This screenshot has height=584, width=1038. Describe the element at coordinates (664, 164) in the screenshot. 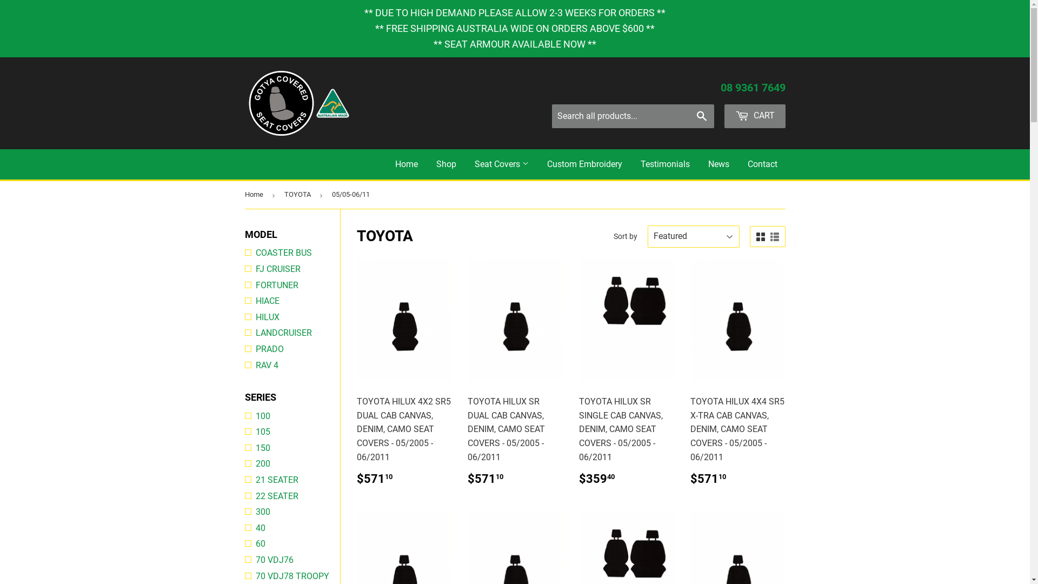

I see `'Testimonials'` at that location.